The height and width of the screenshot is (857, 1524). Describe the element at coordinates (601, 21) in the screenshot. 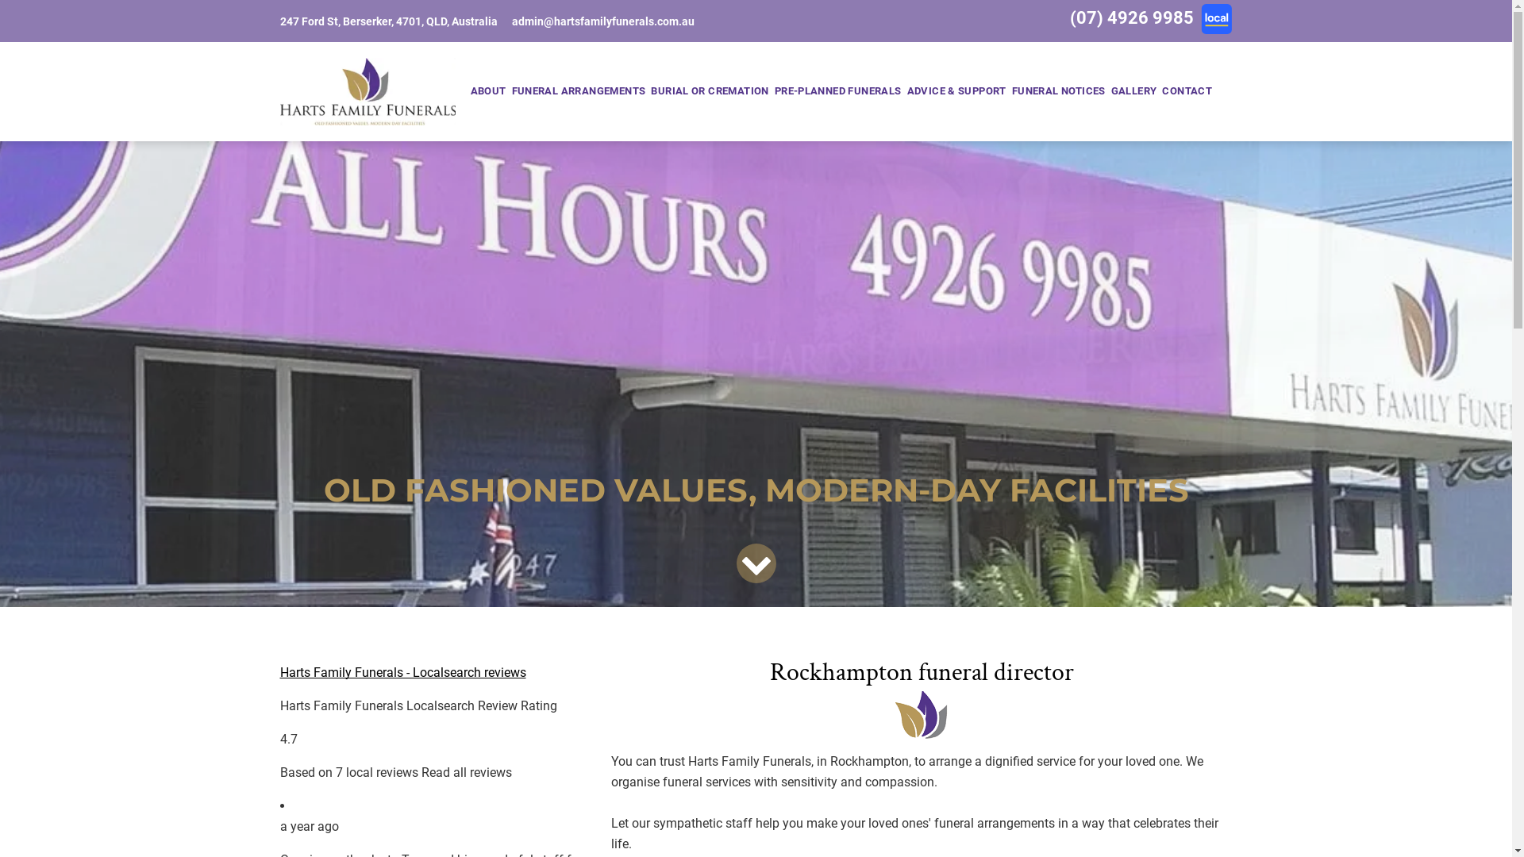

I see `'admin@hartsfamilyfunerals.com.au'` at that location.